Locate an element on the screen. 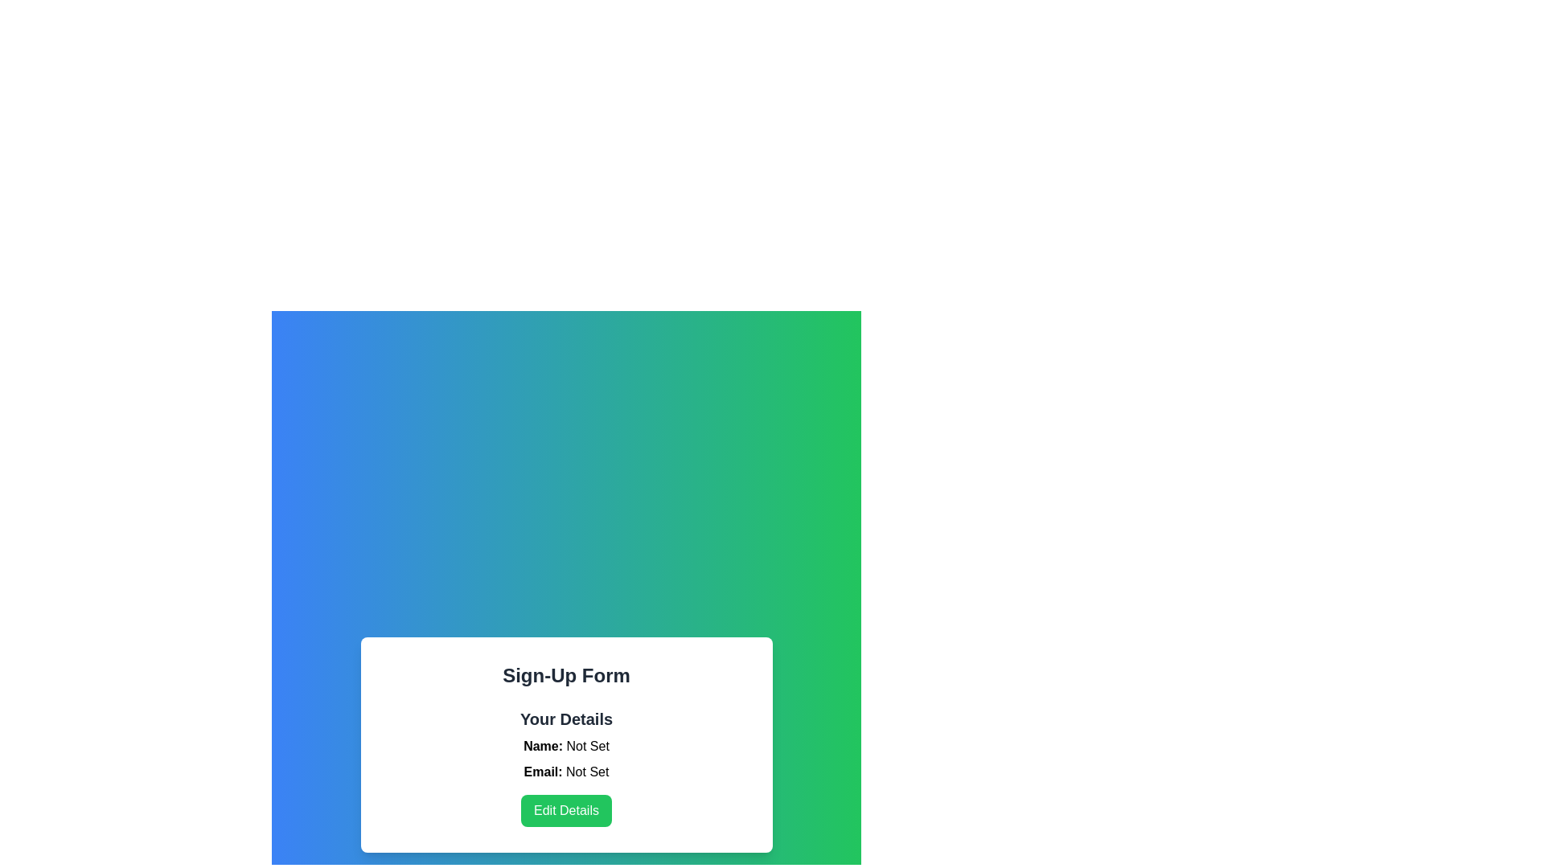 Image resolution: width=1544 pixels, height=868 pixels. the text label displaying 'Email:' in bold, black font, located to the left of 'Not Set' within the 'Your Details' section is located at coordinates (543, 771).